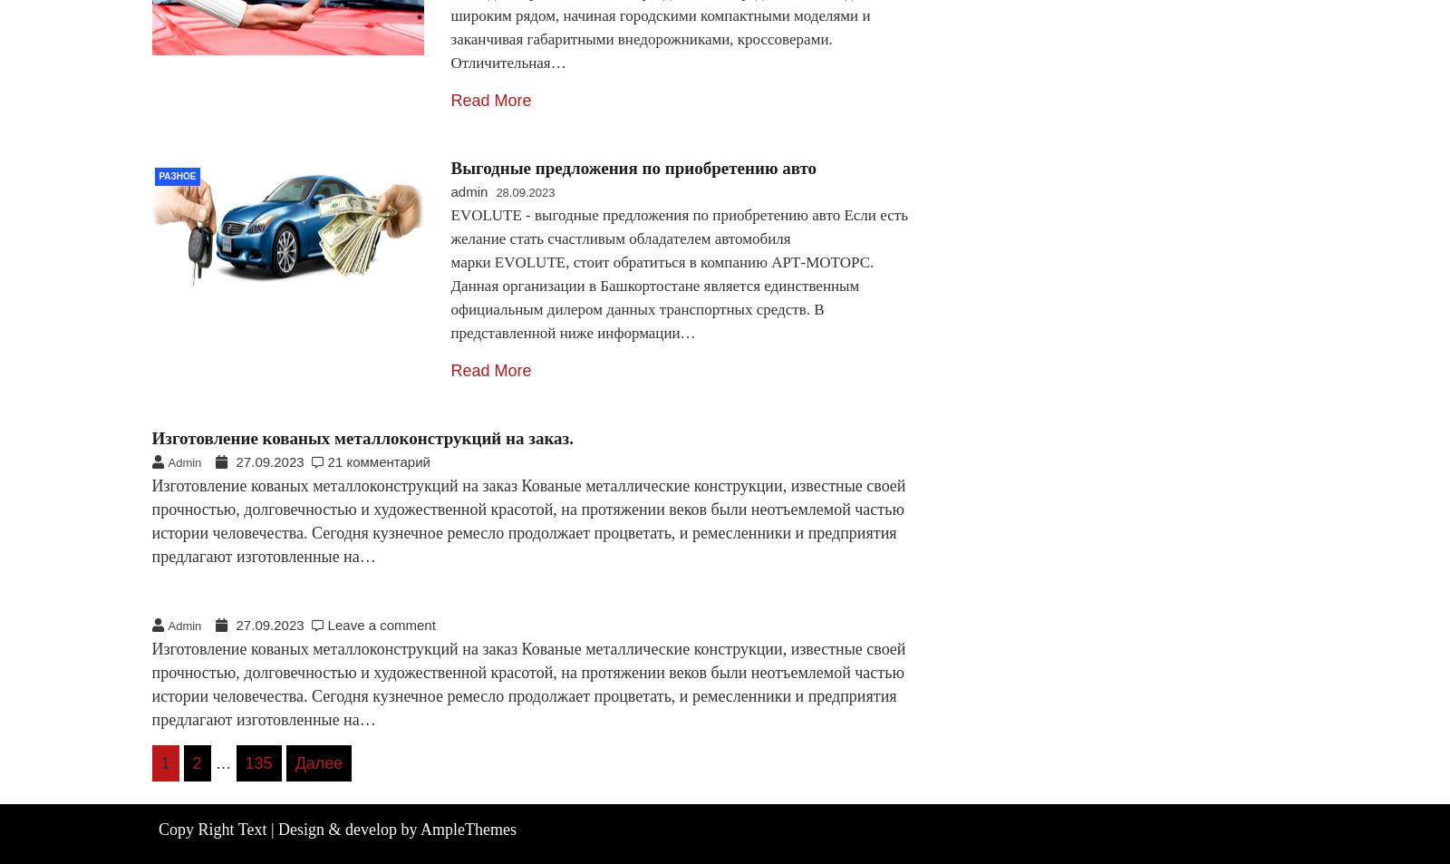 The width and height of the screenshot is (1450, 864). What do you see at coordinates (196, 762) in the screenshot?
I see `'2'` at bounding box center [196, 762].